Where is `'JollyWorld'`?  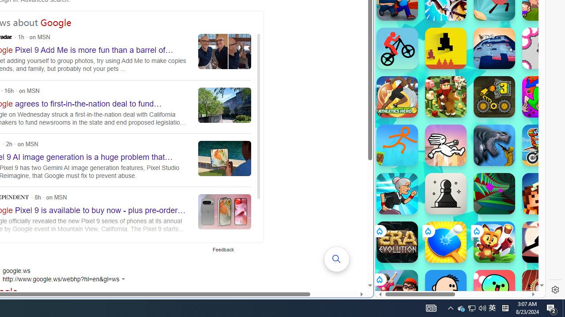 'JollyWorld' is located at coordinates (542, 96).